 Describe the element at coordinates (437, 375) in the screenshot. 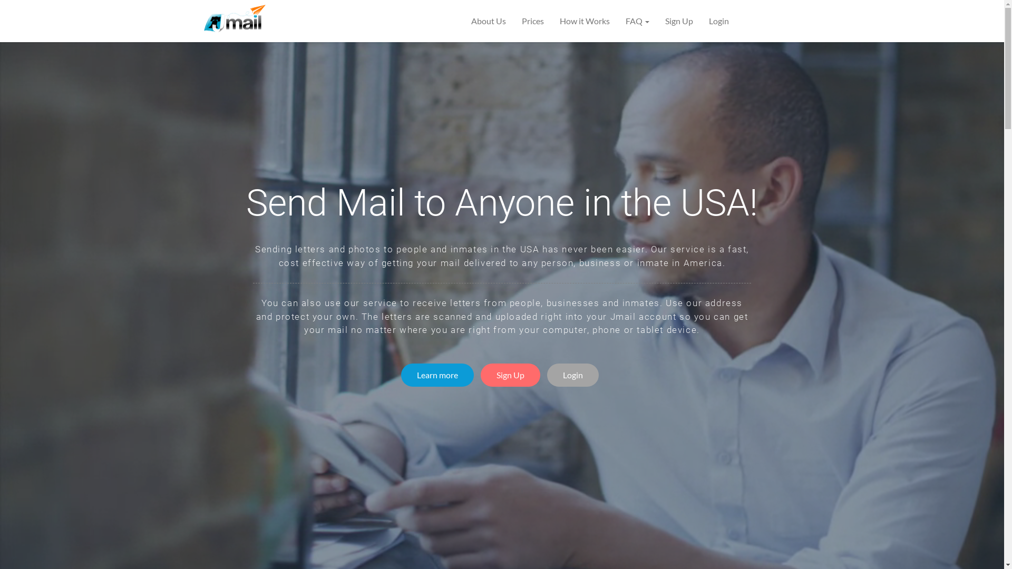

I see `'Learn more'` at that location.